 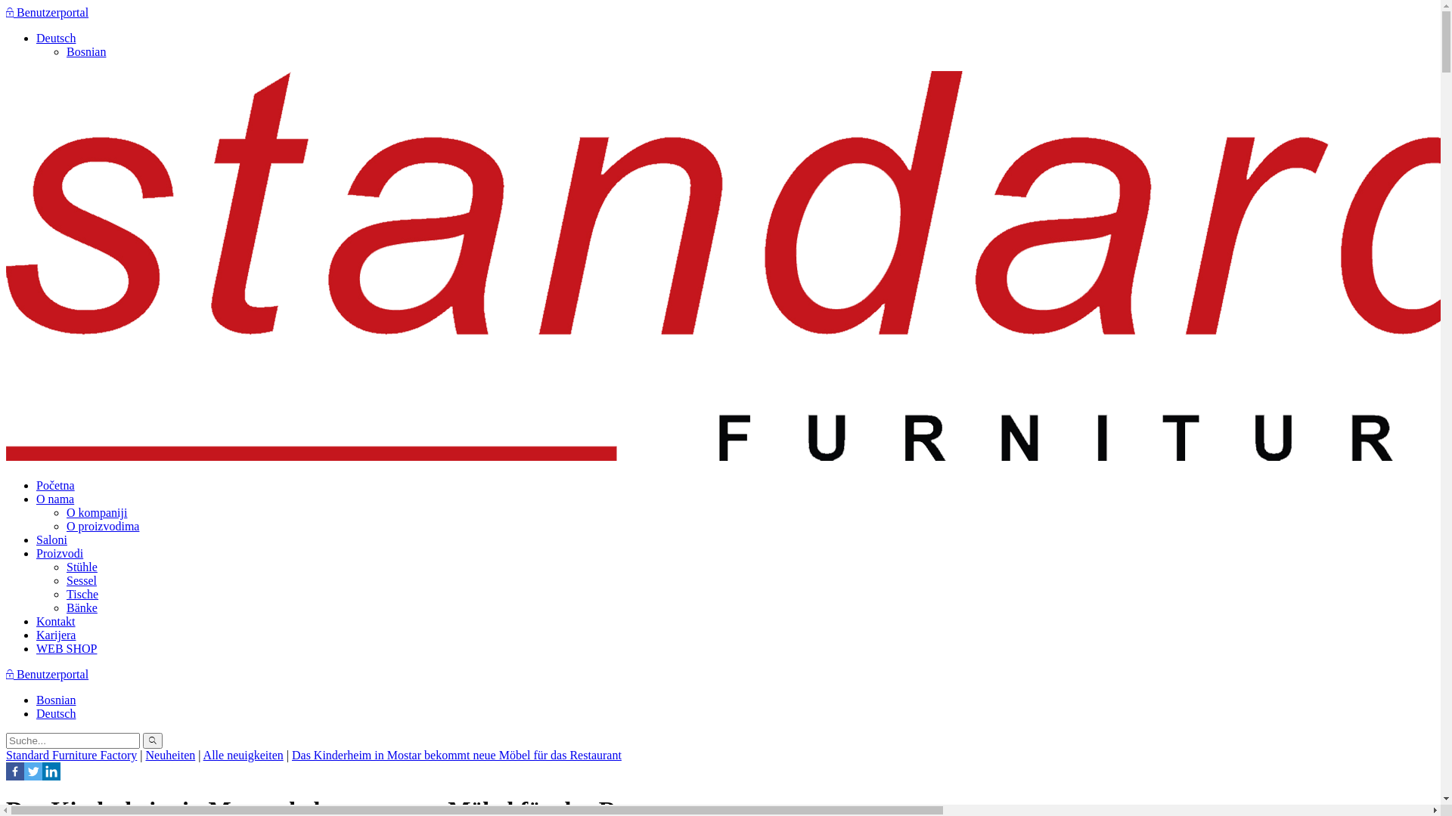 What do you see at coordinates (36, 621) in the screenshot?
I see `'Kontakt'` at bounding box center [36, 621].